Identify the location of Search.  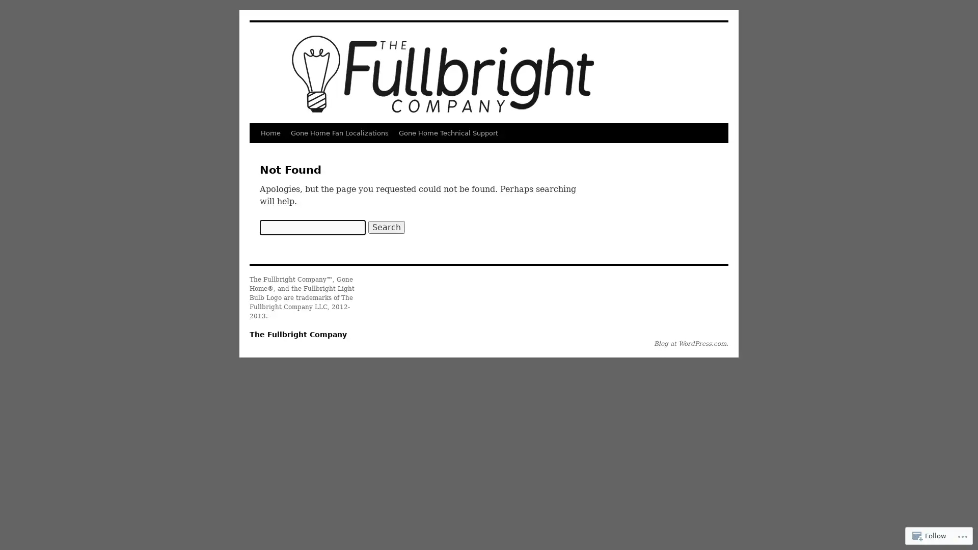
(386, 227).